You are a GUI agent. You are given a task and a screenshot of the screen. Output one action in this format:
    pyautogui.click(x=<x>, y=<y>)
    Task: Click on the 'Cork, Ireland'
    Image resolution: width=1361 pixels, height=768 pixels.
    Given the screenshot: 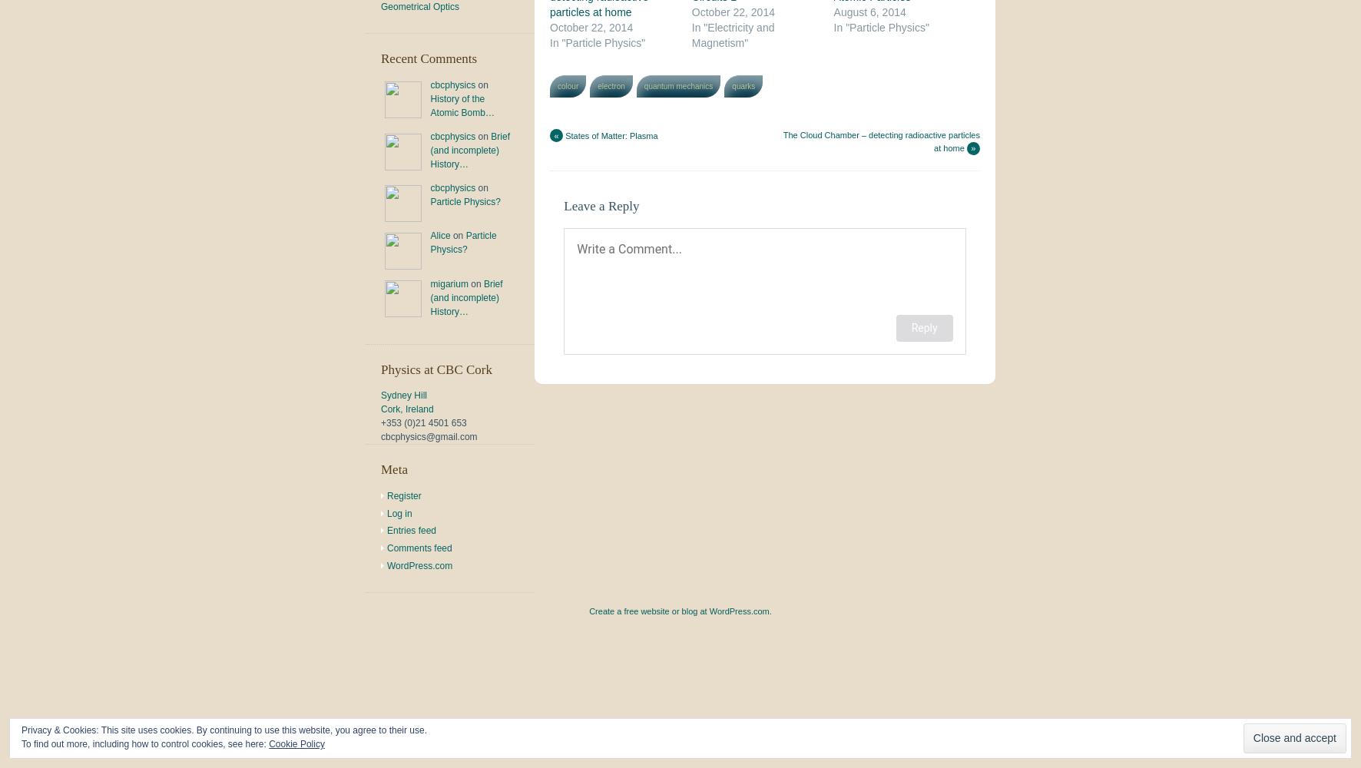 What is the action you would take?
    pyautogui.click(x=406, y=409)
    